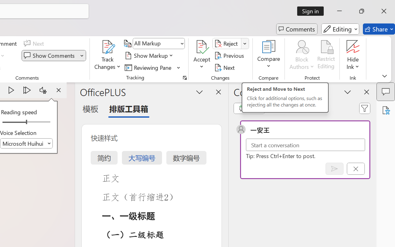 This screenshot has height=247, width=395. I want to click on 'Previous', so click(230, 55).